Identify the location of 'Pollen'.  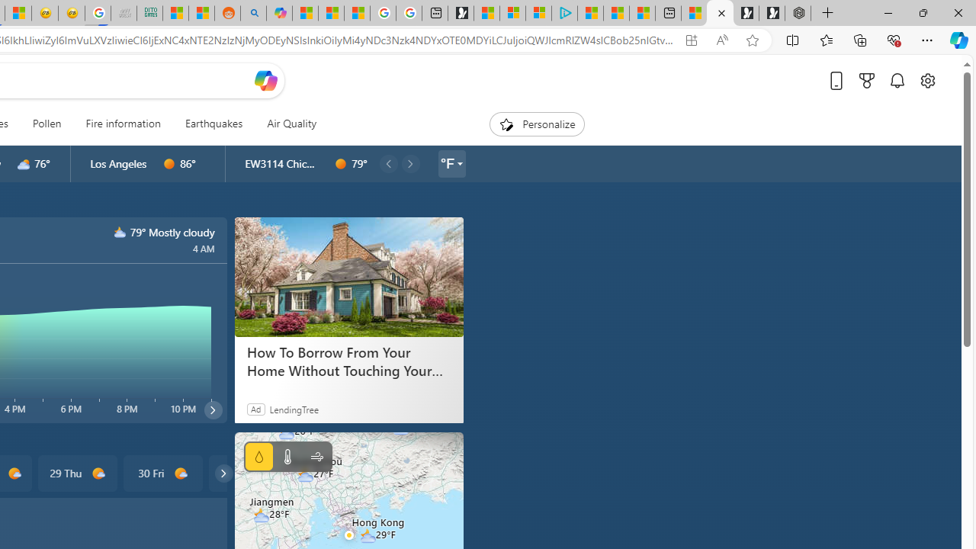
(47, 124).